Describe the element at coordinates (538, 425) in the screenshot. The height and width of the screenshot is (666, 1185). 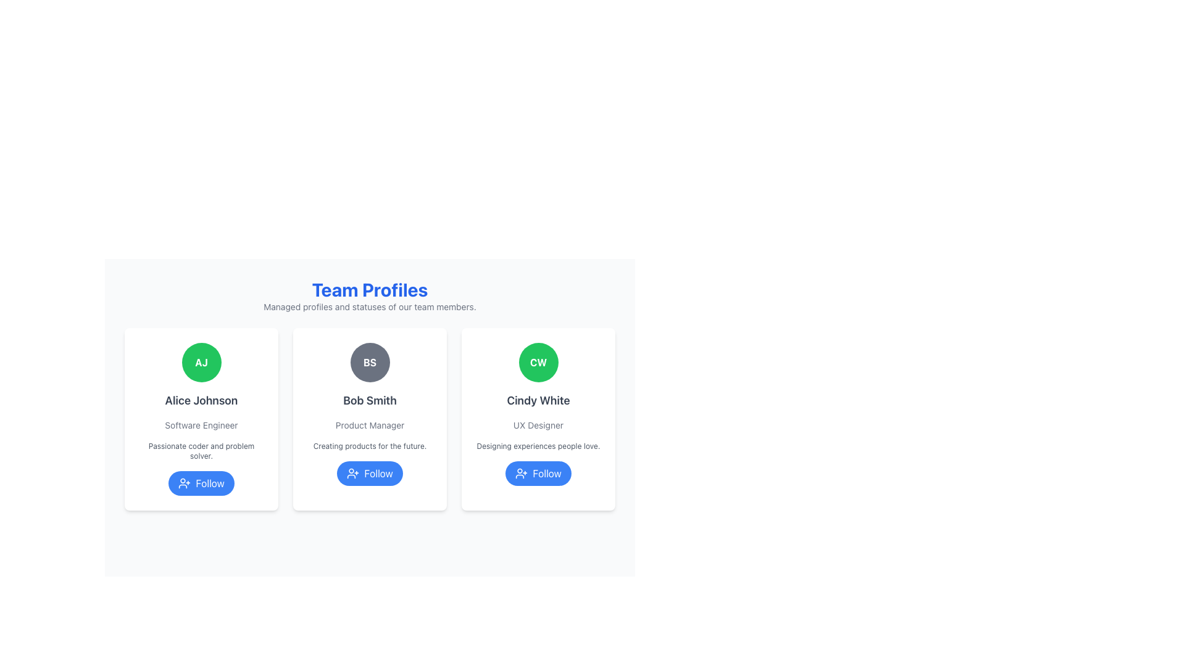
I see `text element displaying 'UX Designer' in small gray font located below 'Cindy White' in the profile card` at that location.